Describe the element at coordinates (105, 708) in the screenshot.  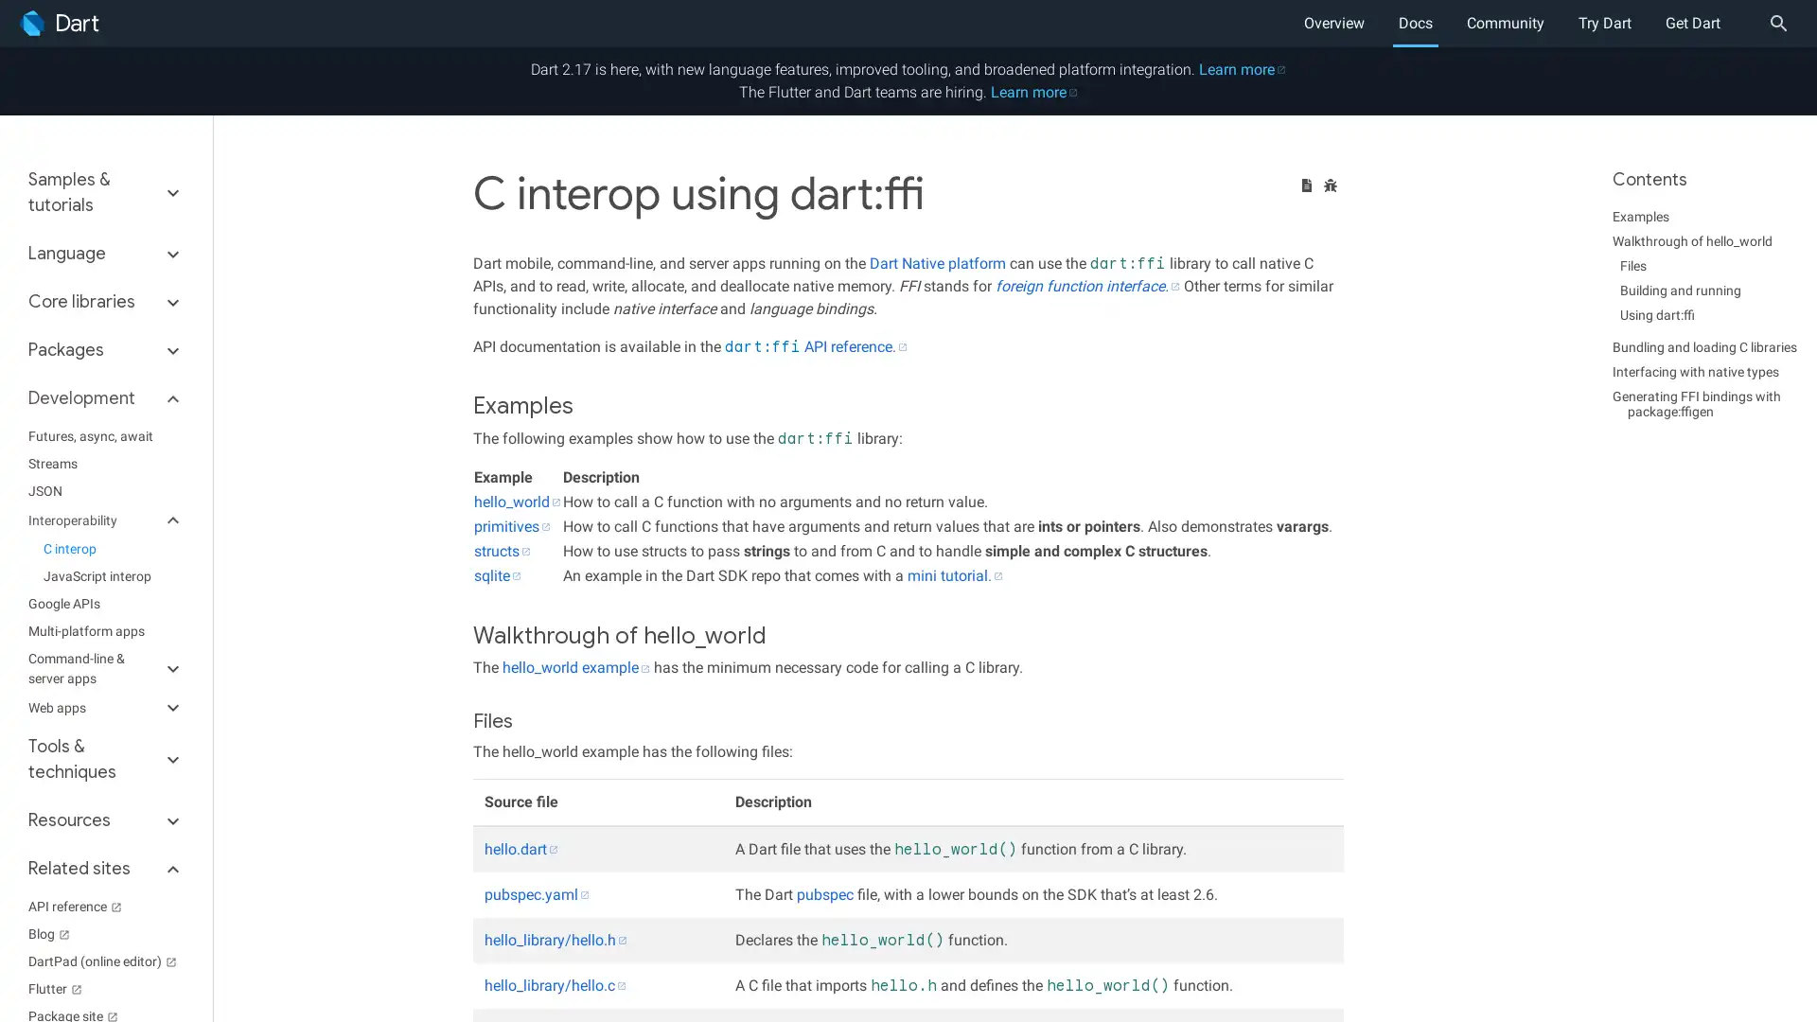
I see `Web apps keyboard_arrow_down` at that location.